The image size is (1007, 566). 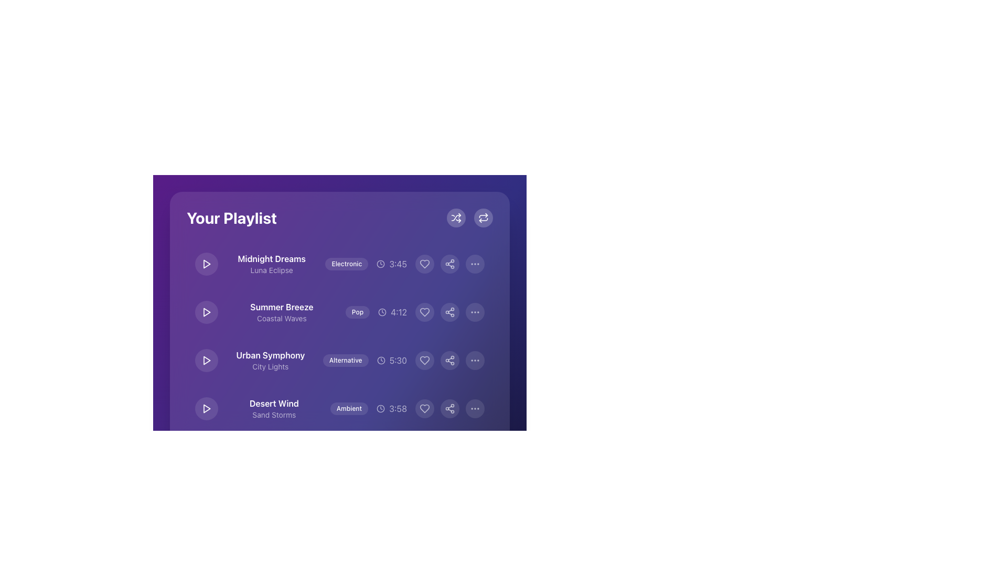 What do you see at coordinates (425, 312) in the screenshot?
I see `the heart icon button, which is the second icon in the row for the 'Summer Breeze' track` at bounding box center [425, 312].